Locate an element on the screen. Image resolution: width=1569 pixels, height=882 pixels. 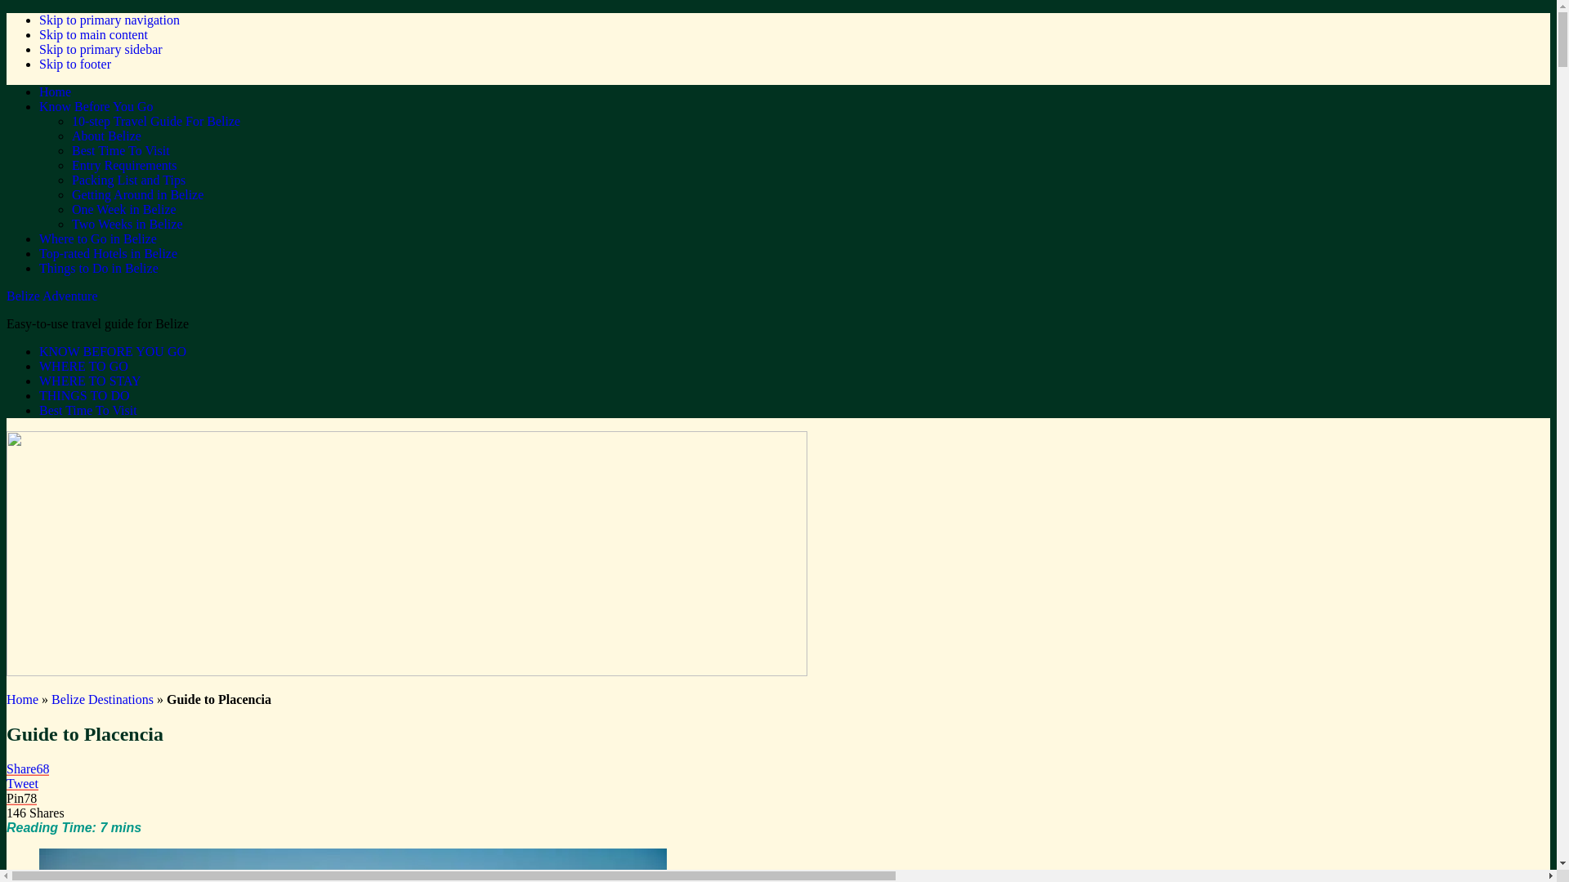
'Belize Destinations' is located at coordinates (101, 698).